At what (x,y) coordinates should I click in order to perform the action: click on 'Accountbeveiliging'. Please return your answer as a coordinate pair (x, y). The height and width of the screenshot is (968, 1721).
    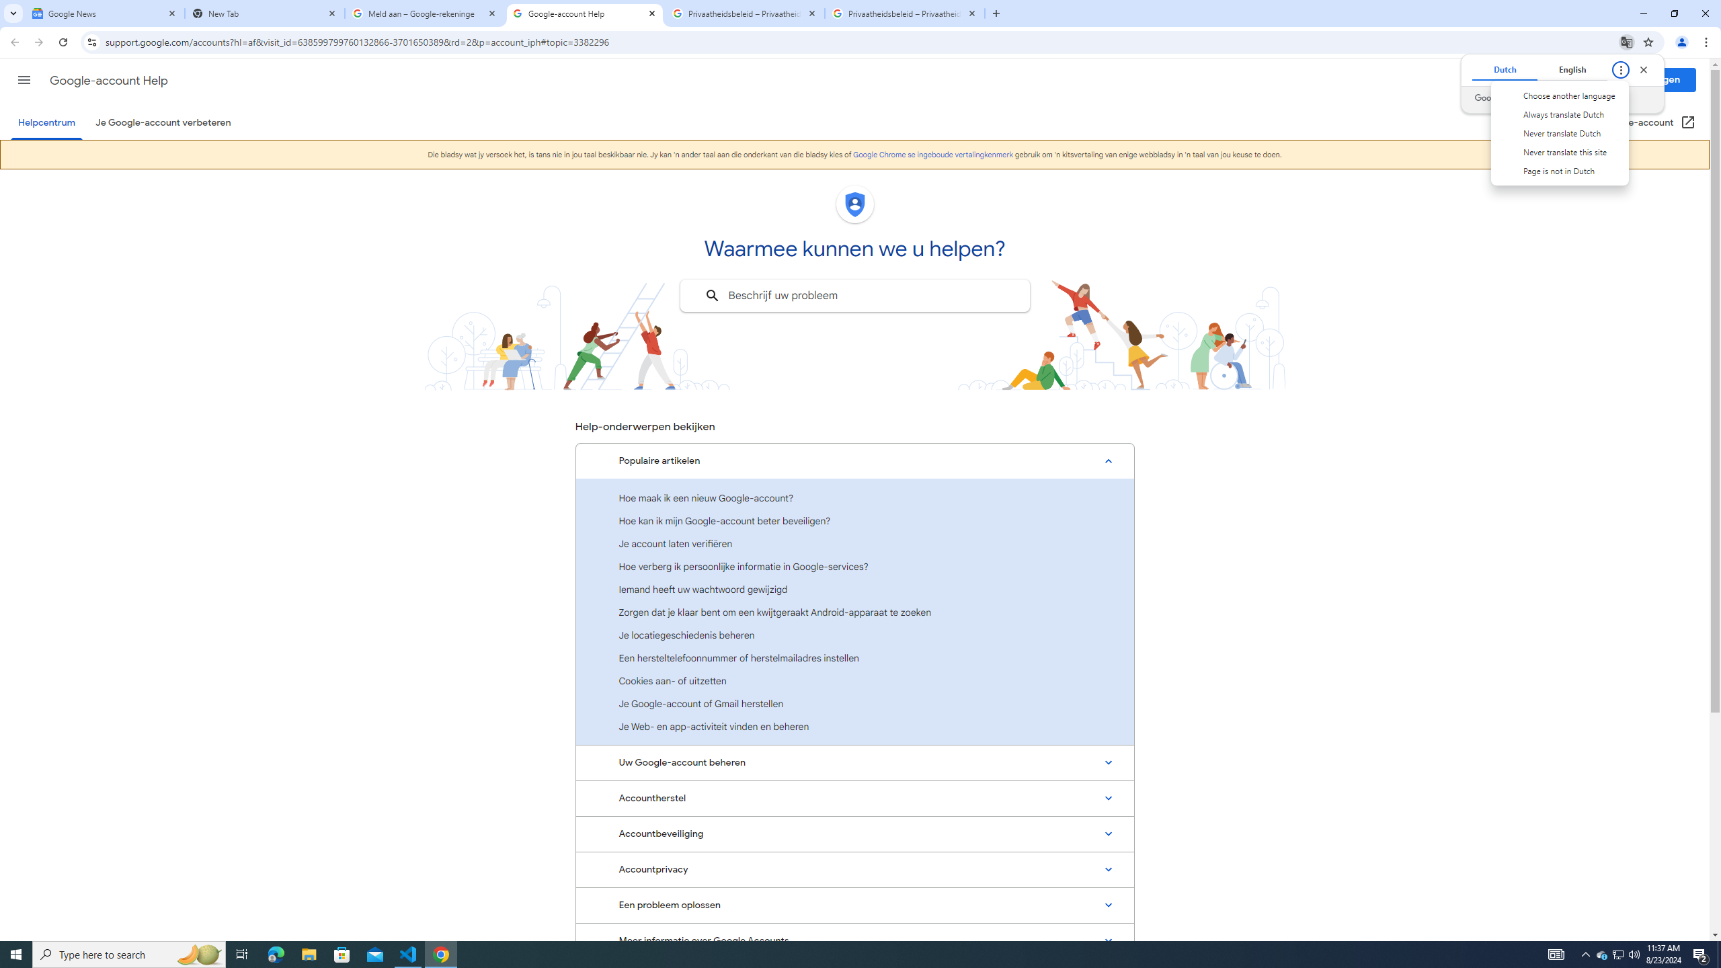
    Looking at the image, I should click on (854, 834).